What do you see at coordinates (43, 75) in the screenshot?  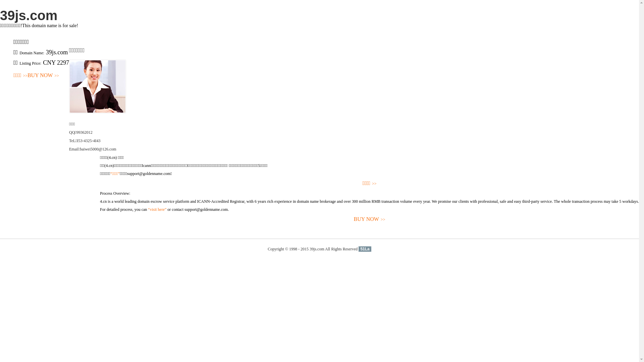 I see `'BUY NOW>>'` at bounding box center [43, 75].